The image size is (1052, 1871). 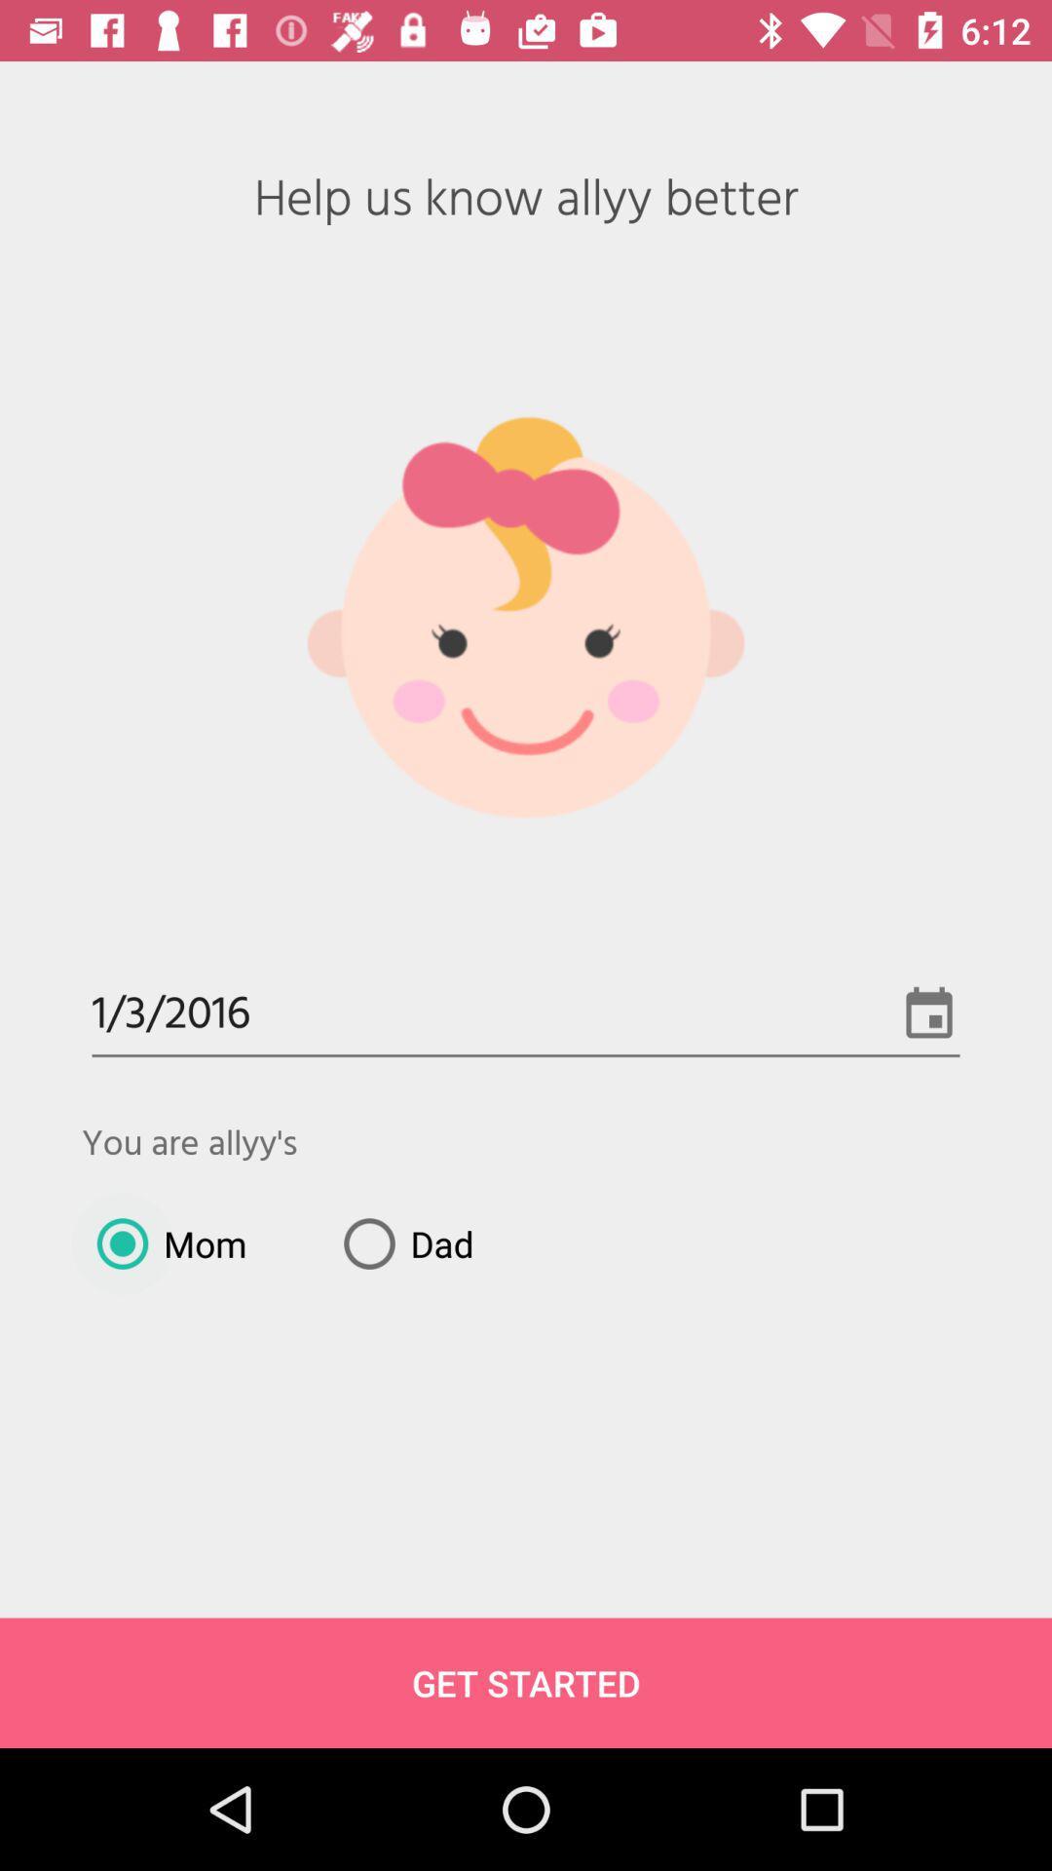 I want to click on mom item, so click(x=163, y=1242).